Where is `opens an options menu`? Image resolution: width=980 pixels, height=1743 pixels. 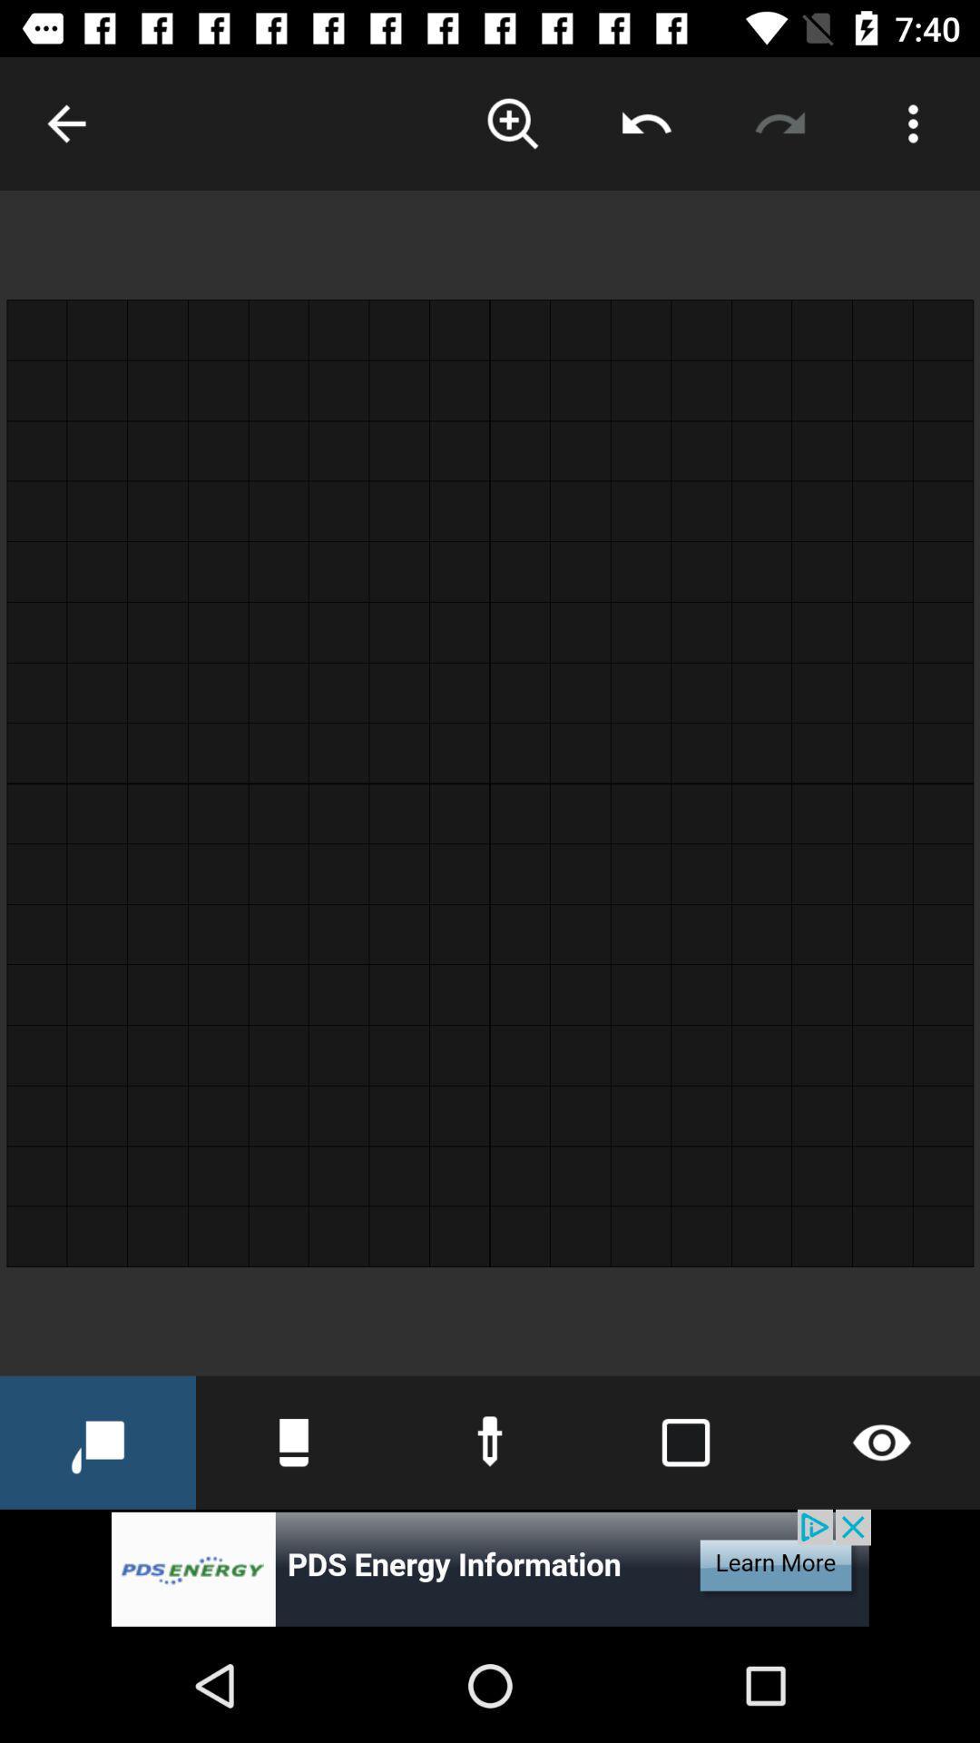 opens an options menu is located at coordinates (913, 123).